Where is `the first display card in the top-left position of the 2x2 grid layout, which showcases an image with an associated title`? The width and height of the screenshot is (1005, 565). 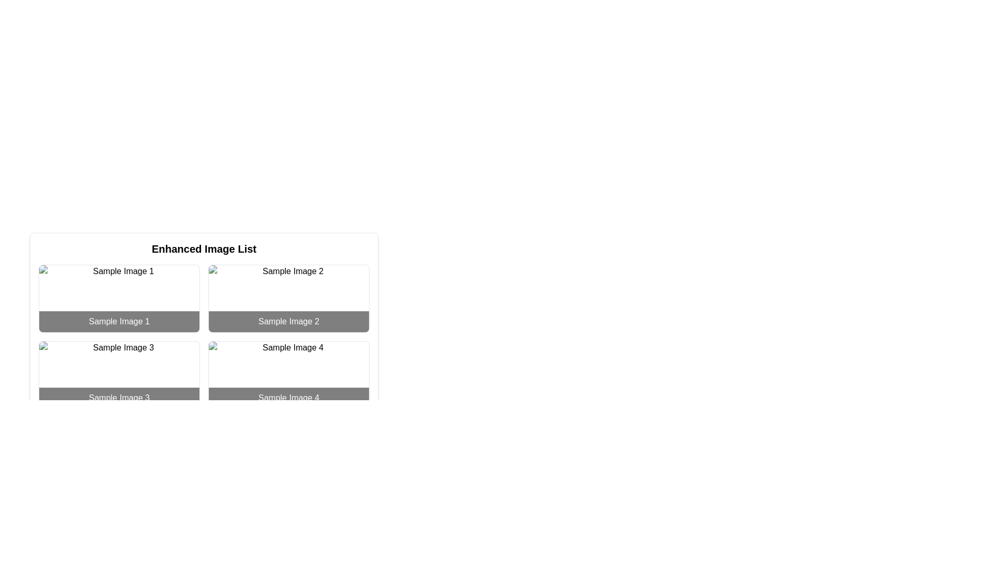
the first display card in the top-left position of the 2x2 grid layout, which showcases an image with an associated title is located at coordinates (119, 298).